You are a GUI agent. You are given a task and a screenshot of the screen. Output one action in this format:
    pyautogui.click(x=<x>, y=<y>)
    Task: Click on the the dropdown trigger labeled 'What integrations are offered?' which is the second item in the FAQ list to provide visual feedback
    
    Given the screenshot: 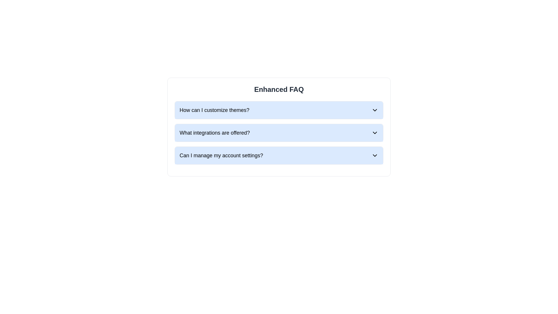 What is the action you would take?
    pyautogui.click(x=279, y=133)
    